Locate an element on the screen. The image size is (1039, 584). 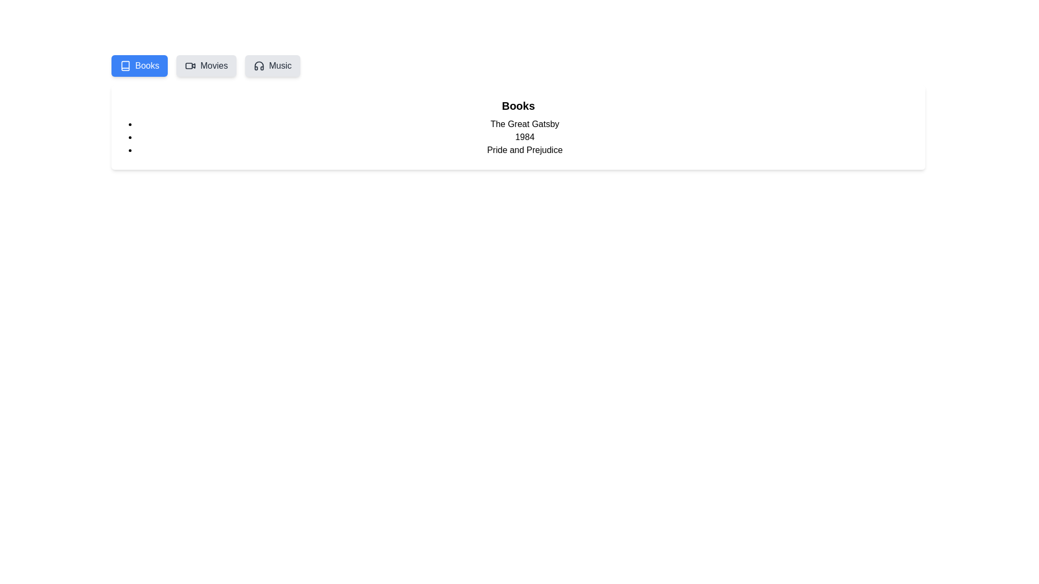
the Movies tab in the MediaLibrary component is located at coordinates (207, 66).